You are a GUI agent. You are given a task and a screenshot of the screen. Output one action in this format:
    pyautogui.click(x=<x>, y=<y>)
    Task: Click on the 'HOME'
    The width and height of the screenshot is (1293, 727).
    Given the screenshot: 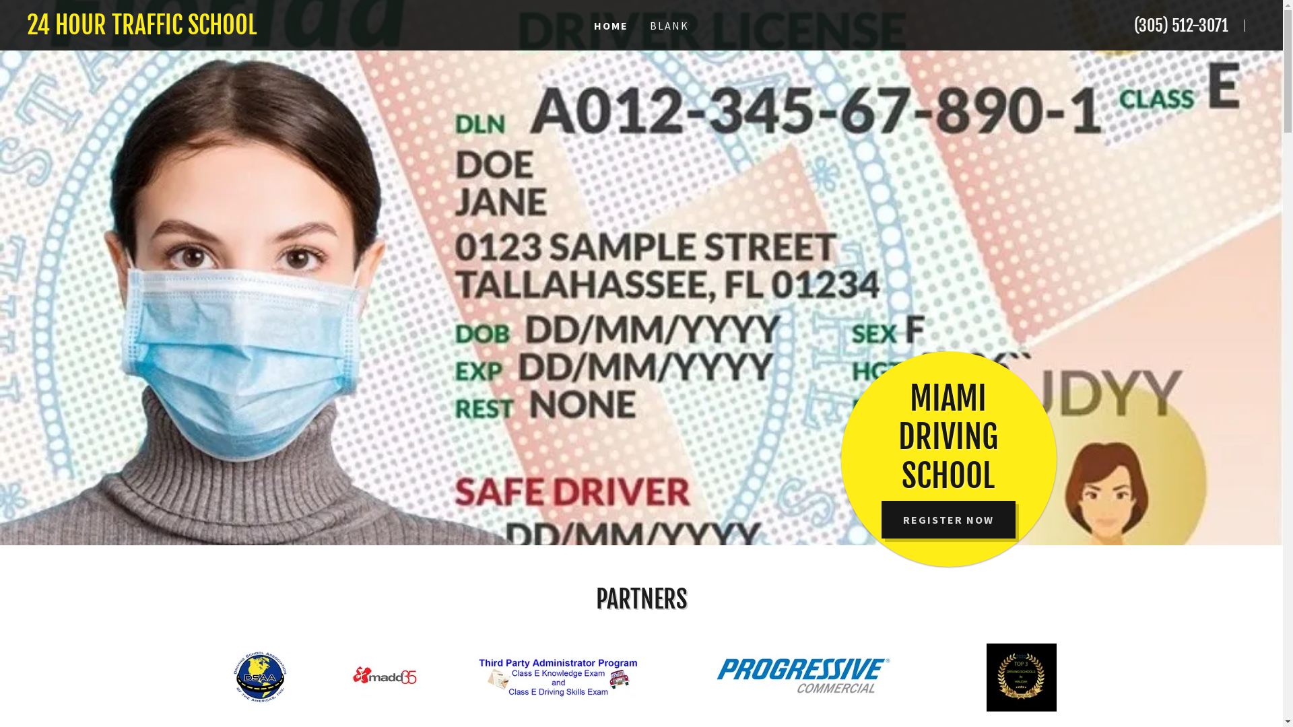 What is the action you would take?
    pyautogui.click(x=610, y=26)
    